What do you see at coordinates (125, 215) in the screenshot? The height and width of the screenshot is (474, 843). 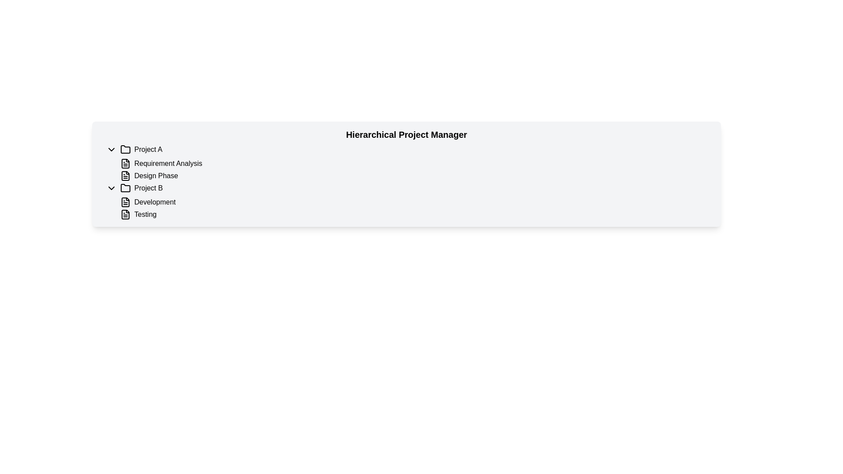 I see `the small black icon resembling a file document with lines, located to the left of the text 'Testing' in the interface` at bounding box center [125, 215].